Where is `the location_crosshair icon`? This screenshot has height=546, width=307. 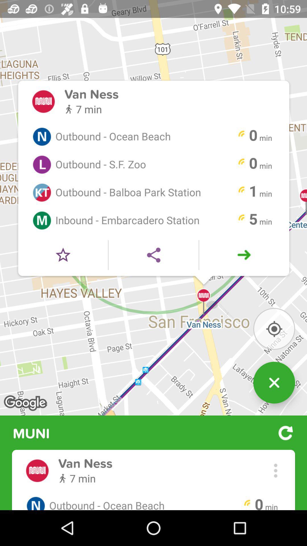
the location_crosshair icon is located at coordinates (274, 351).